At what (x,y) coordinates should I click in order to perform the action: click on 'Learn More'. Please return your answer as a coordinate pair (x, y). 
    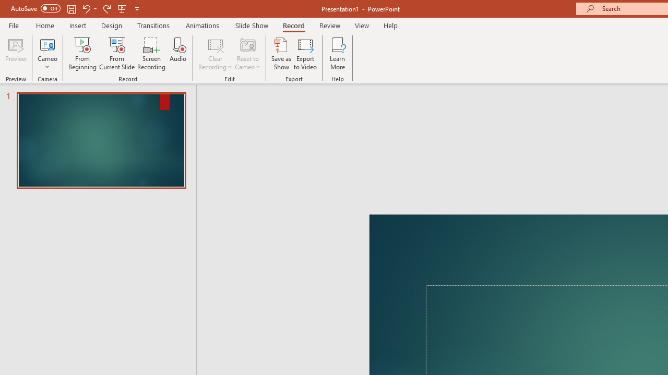
    Looking at the image, I should click on (338, 54).